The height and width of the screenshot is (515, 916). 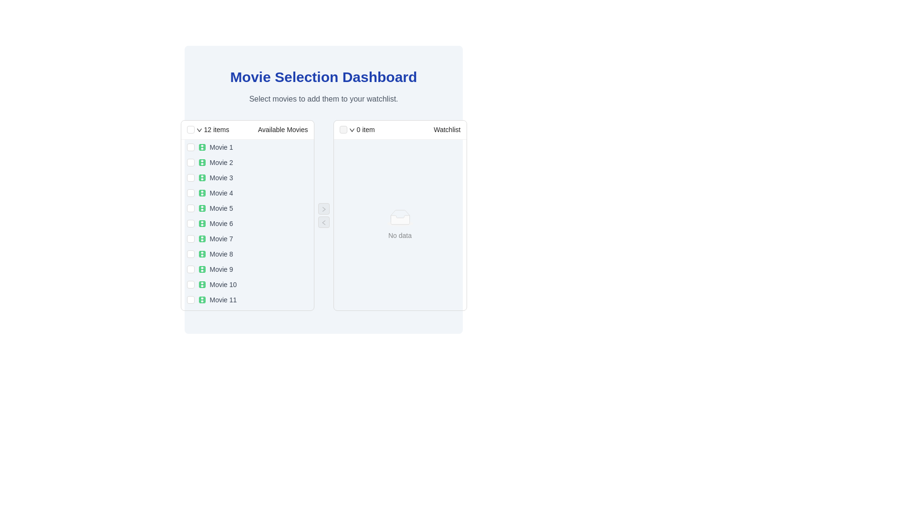 I want to click on the small green film strip icon located next to the text 'Movie 1' in the movie list, so click(x=201, y=147).